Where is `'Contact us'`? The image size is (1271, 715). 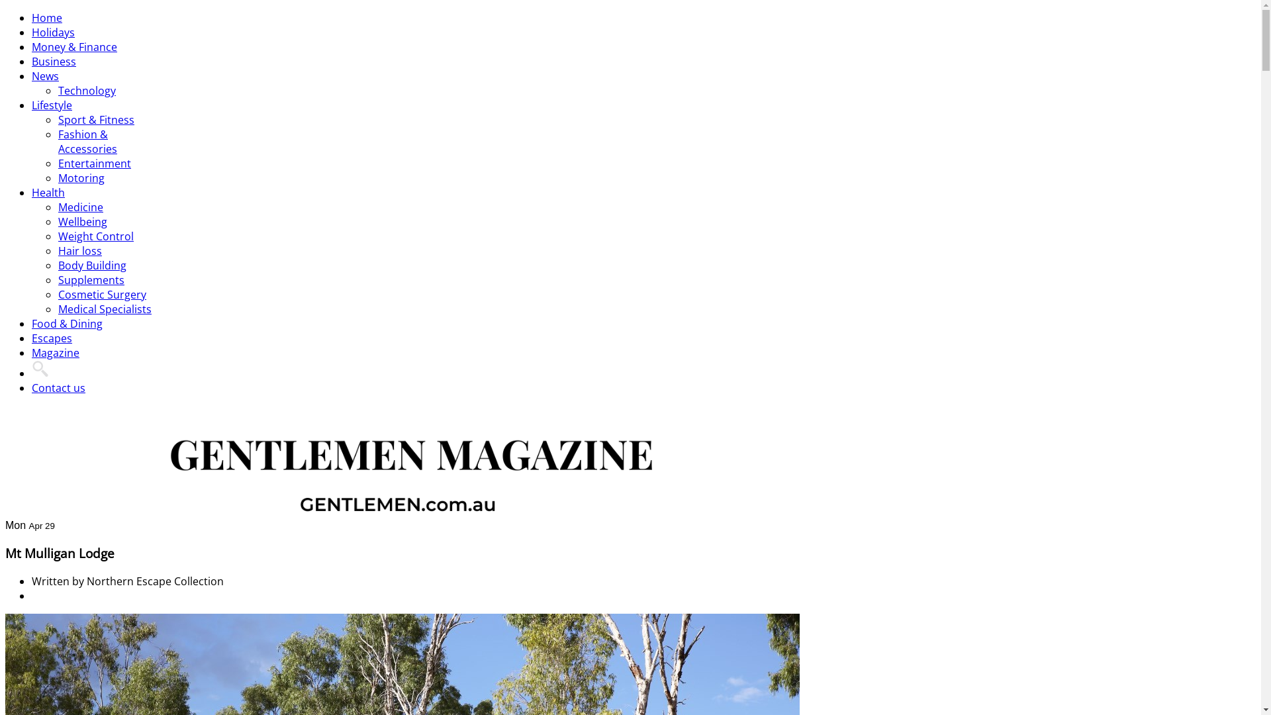 'Contact us' is located at coordinates (58, 387).